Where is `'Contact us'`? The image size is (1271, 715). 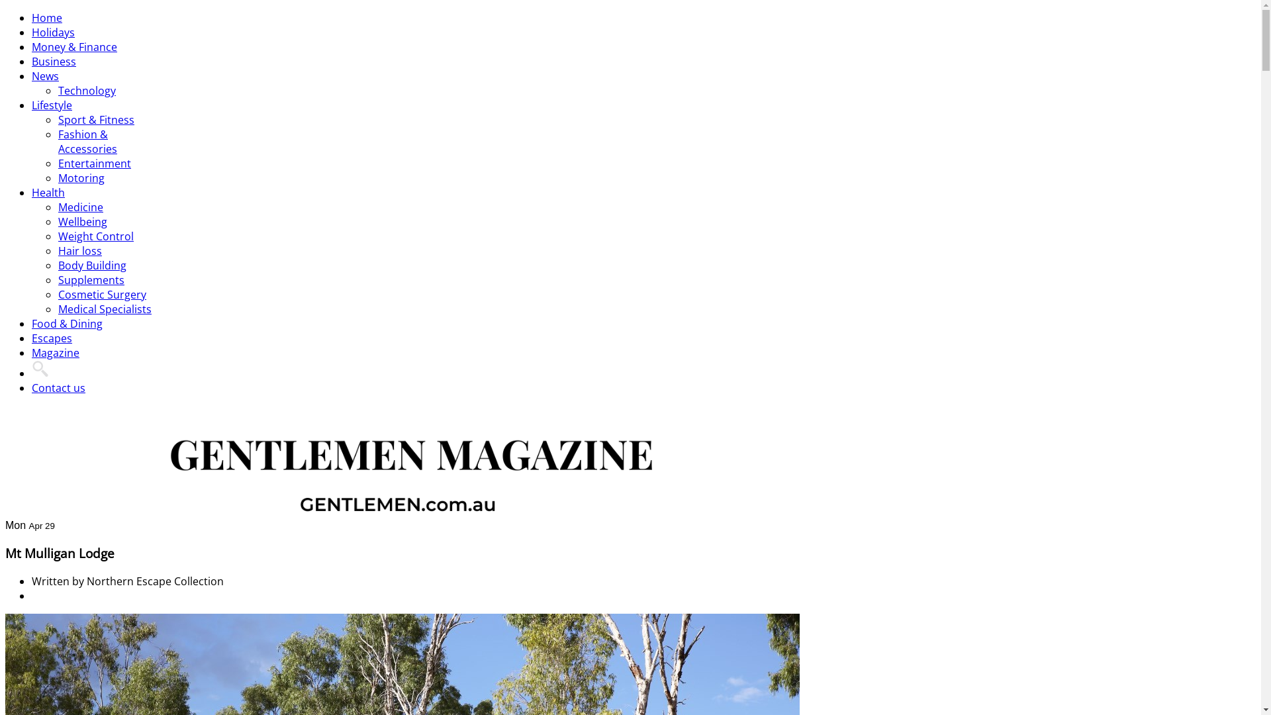 'Contact us' is located at coordinates (58, 387).